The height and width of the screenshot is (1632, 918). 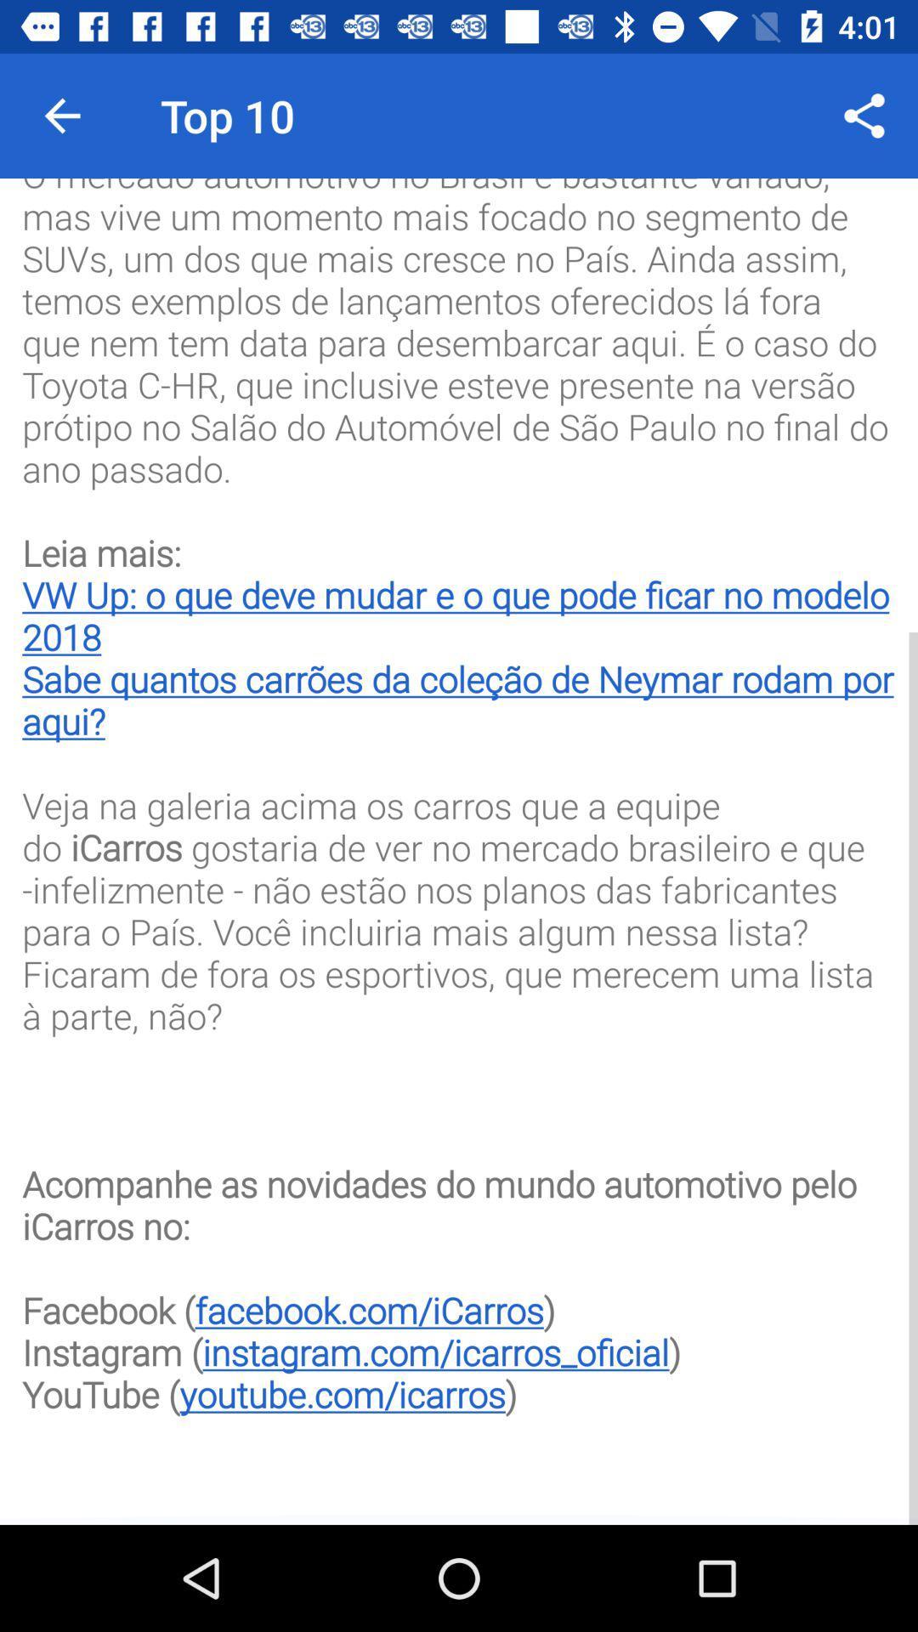 I want to click on icon next to top 10, so click(x=61, y=115).